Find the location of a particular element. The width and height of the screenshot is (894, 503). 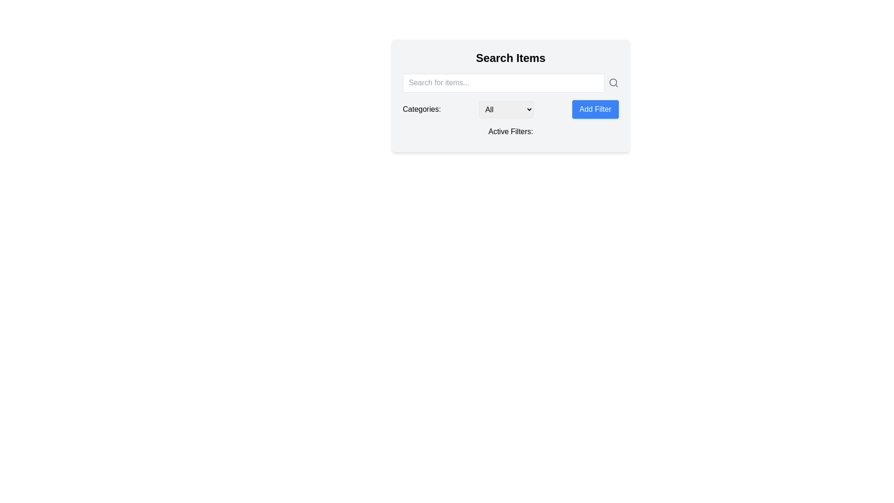

the 'Add Filter' button located to the far right of the 'Categories:' label and 'All' dropdown is located at coordinates (595, 109).